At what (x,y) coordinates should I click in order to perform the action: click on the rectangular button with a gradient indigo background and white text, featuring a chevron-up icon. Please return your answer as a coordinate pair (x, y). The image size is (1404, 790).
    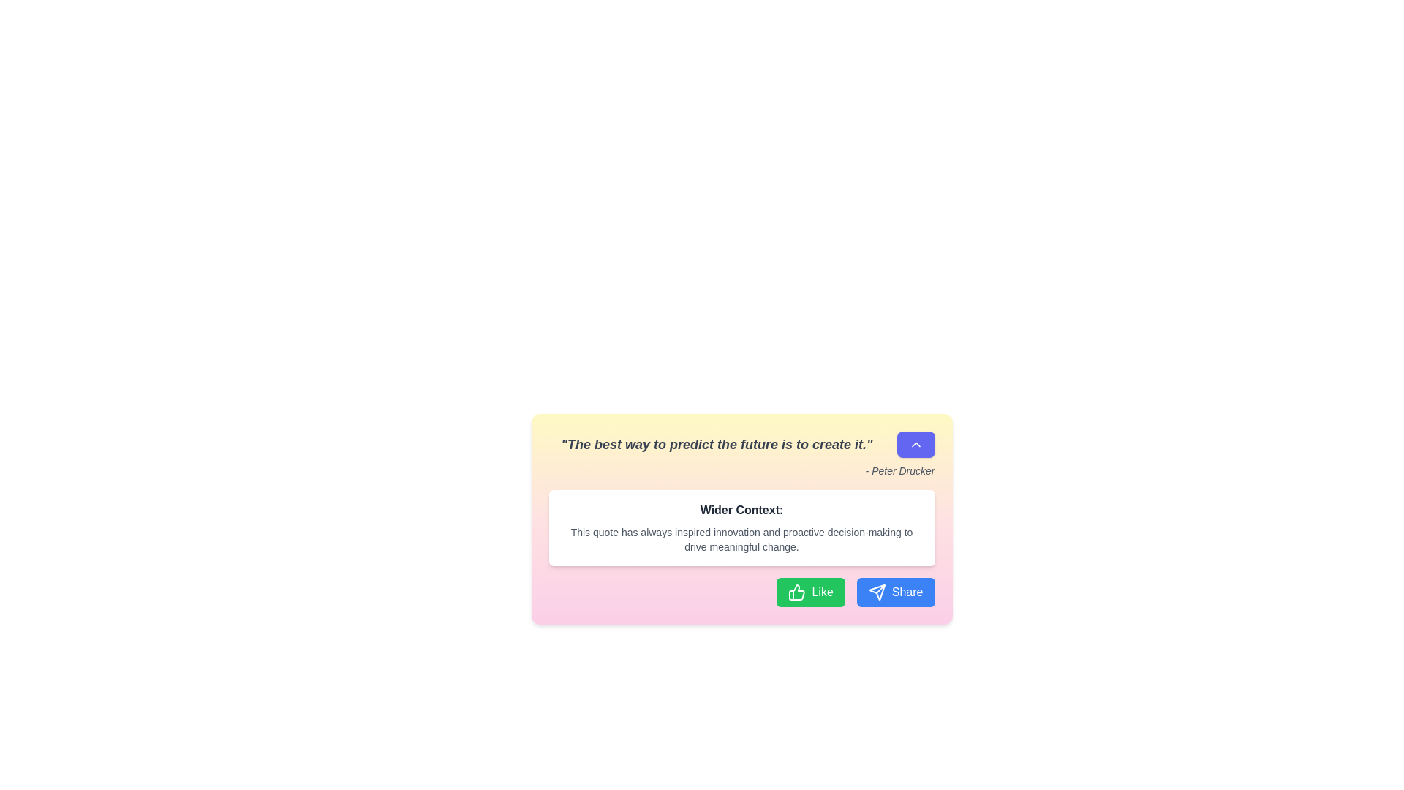
    Looking at the image, I should click on (915, 444).